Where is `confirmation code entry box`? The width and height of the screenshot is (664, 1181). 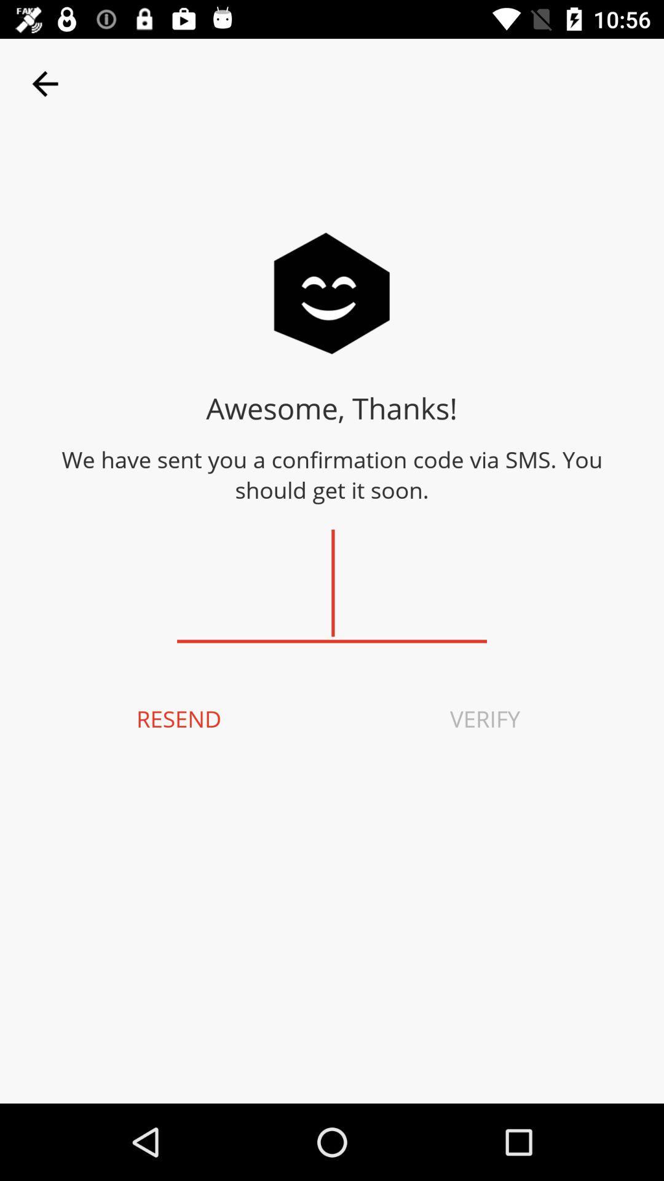
confirmation code entry box is located at coordinates (332, 583).